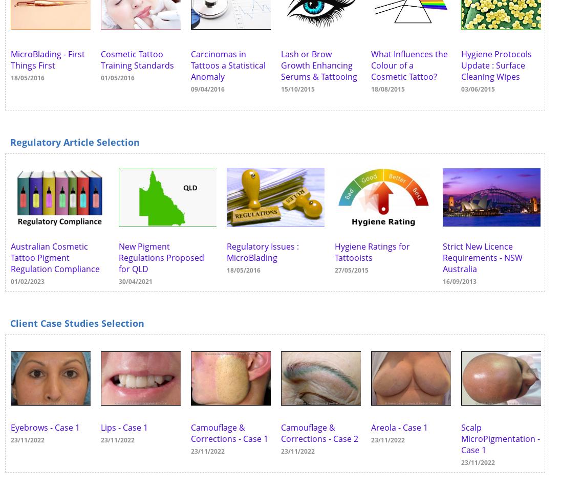 Image resolution: width=561 pixels, height=491 pixels. Describe the element at coordinates (75, 141) in the screenshot. I see `'Regulatory Article Selection'` at that location.